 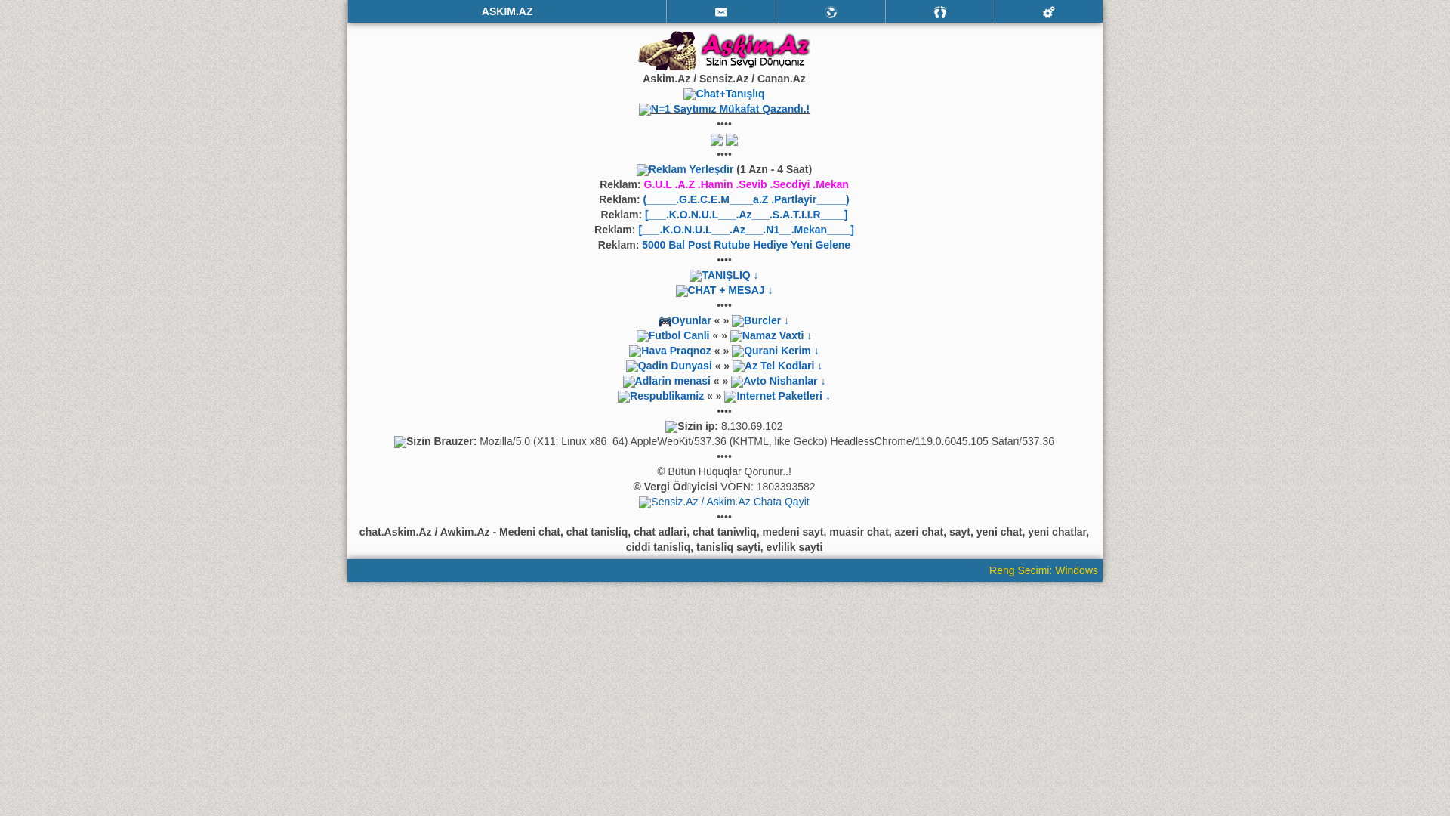 What do you see at coordinates (666, 395) in the screenshot?
I see `'Respublikamiz'` at bounding box center [666, 395].